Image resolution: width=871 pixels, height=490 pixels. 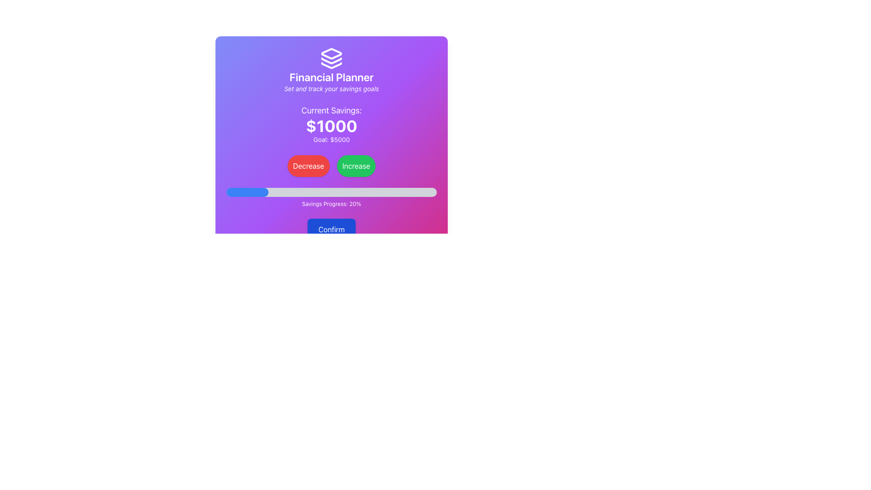 What do you see at coordinates (331, 124) in the screenshot?
I see `the Text Display element that shows financial information, specifically the text 'Current Savings:' and the bold number '$1000'` at bounding box center [331, 124].